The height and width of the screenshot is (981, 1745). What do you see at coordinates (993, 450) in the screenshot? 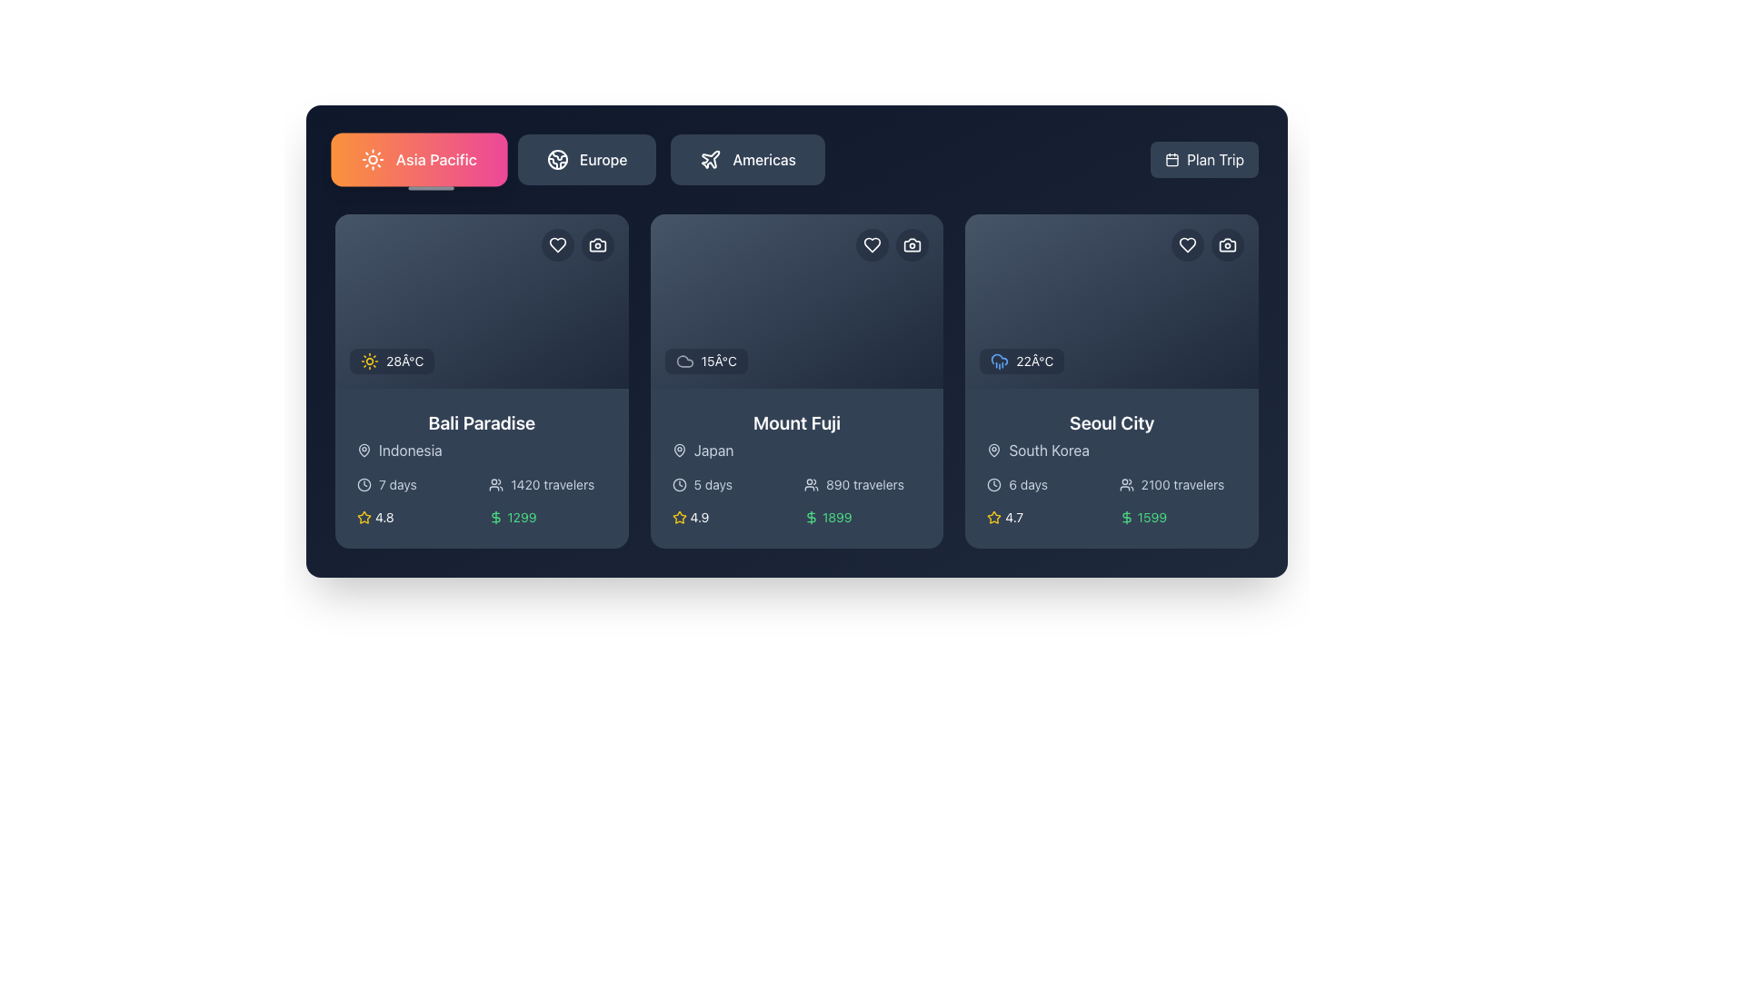
I see `the geographical location icon representing Seoul City, located in the bottom-left region of the Seoul City card, near the label 'South Korea'` at bounding box center [993, 450].